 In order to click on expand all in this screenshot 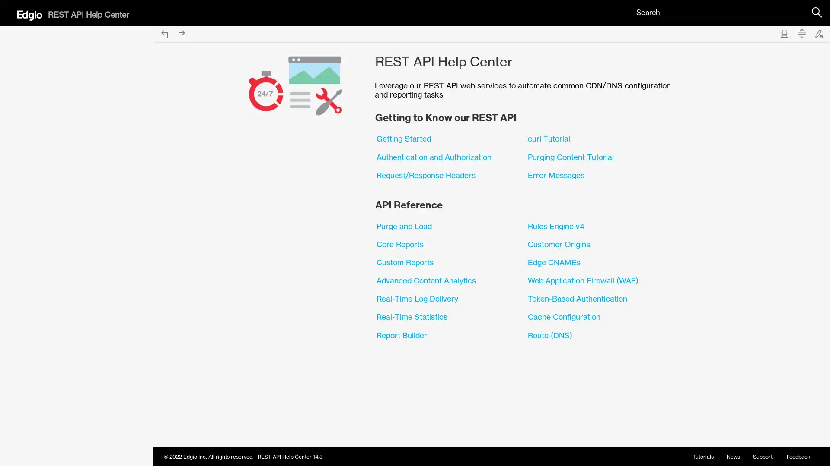, I will do `click(801, 33)`.